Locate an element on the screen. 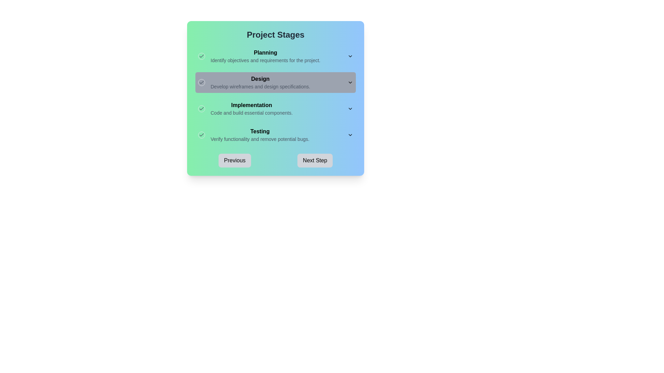 Image resolution: width=664 pixels, height=373 pixels. the dropdown toggle button located at the far-right end of the 'Planning' section card is located at coordinates (350, 56).